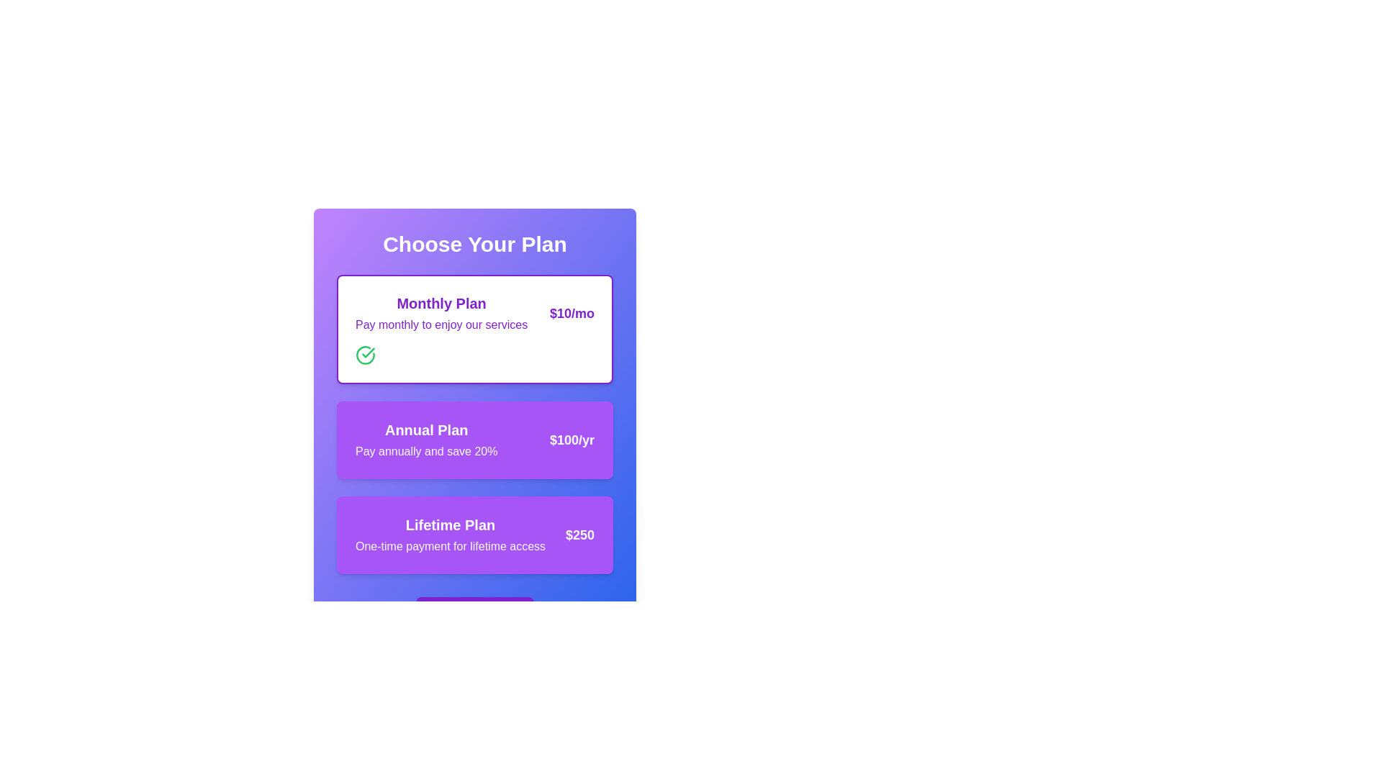  What do you see at coordinates (425, 451) in the screenshot?
I see `informational text label located in the 'Annual Plan' section, positioned beneath the title 'Annual Plan' and above the cost '$100/yr'` at bounding box center [425, 451].